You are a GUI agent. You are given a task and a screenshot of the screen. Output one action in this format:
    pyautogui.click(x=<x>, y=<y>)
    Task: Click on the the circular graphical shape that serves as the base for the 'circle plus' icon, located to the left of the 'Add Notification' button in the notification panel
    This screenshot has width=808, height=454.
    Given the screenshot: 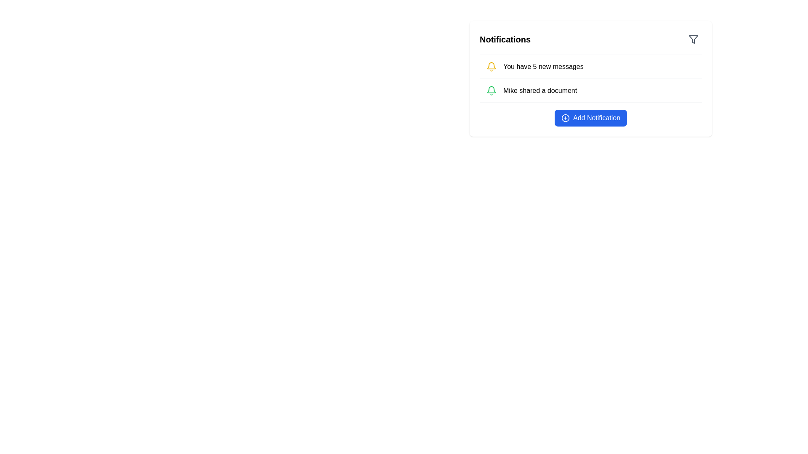 What is the action you would take?
    pyautogui.click(x=566, y=118)
    